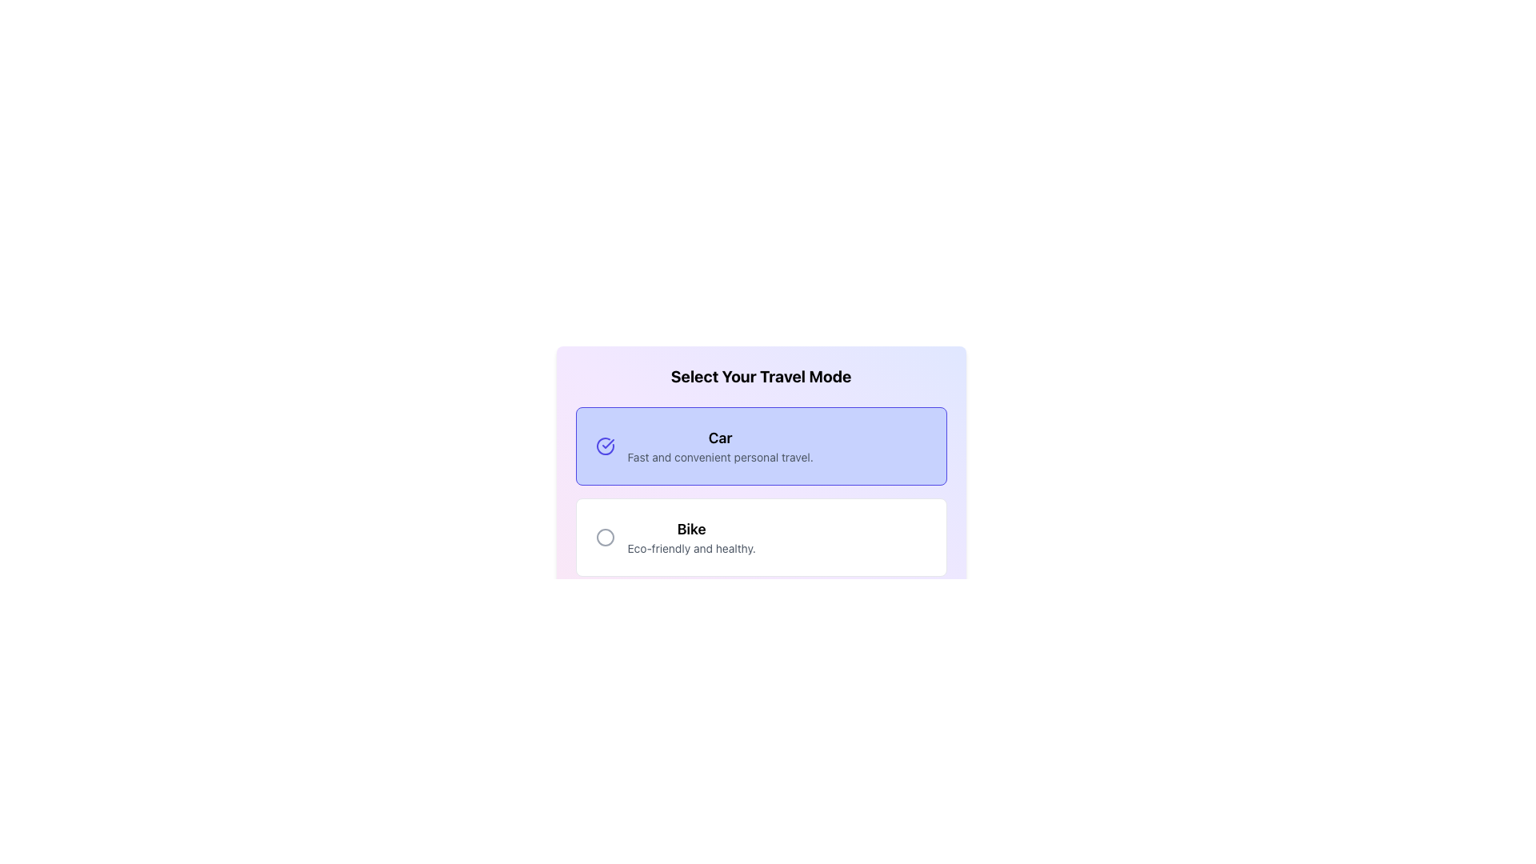 Image resolution: width=1536 pixels, height=864 pixels. I want to click on the Selectable Option Box labeled 'Bike', so click(760, 537).